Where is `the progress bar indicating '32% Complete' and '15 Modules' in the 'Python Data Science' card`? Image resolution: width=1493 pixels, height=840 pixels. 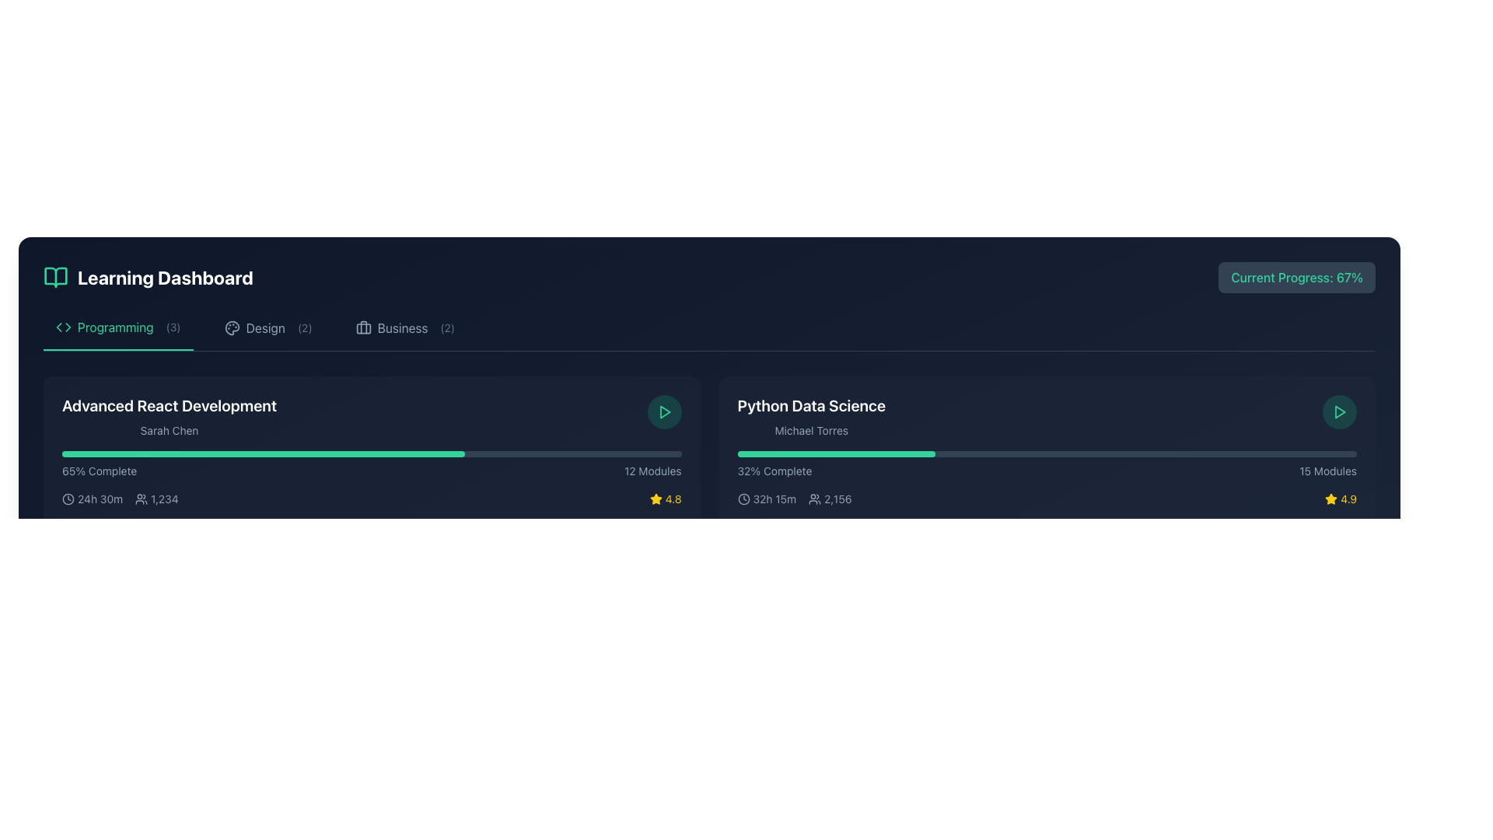 the progress bar indicating '32% Complete' and '15 Modules' in the 'Python Data Science' card is located at coordinates (1047, 464).